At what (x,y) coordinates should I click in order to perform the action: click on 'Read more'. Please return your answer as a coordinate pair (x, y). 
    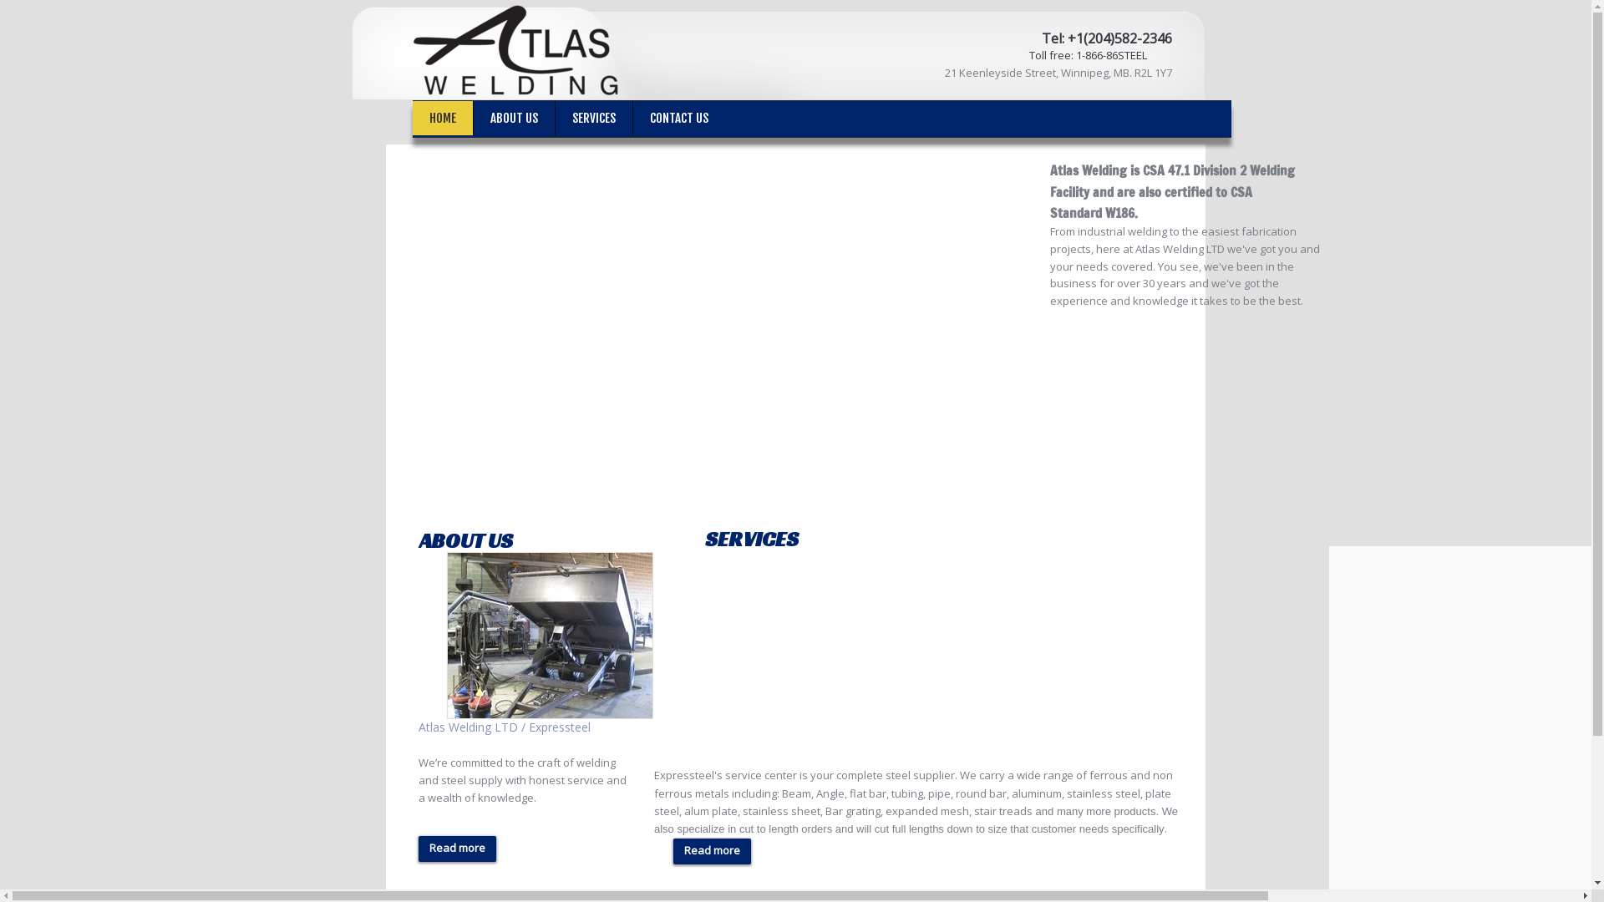
    Looking at the image, I should click on (457, 849).